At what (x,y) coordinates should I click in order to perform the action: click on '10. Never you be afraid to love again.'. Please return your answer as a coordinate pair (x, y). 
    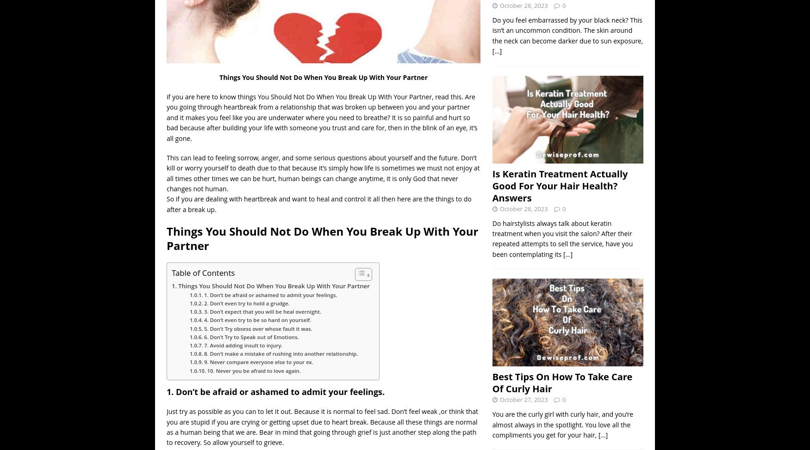
    Looking at the image, I should click on (253, 370).